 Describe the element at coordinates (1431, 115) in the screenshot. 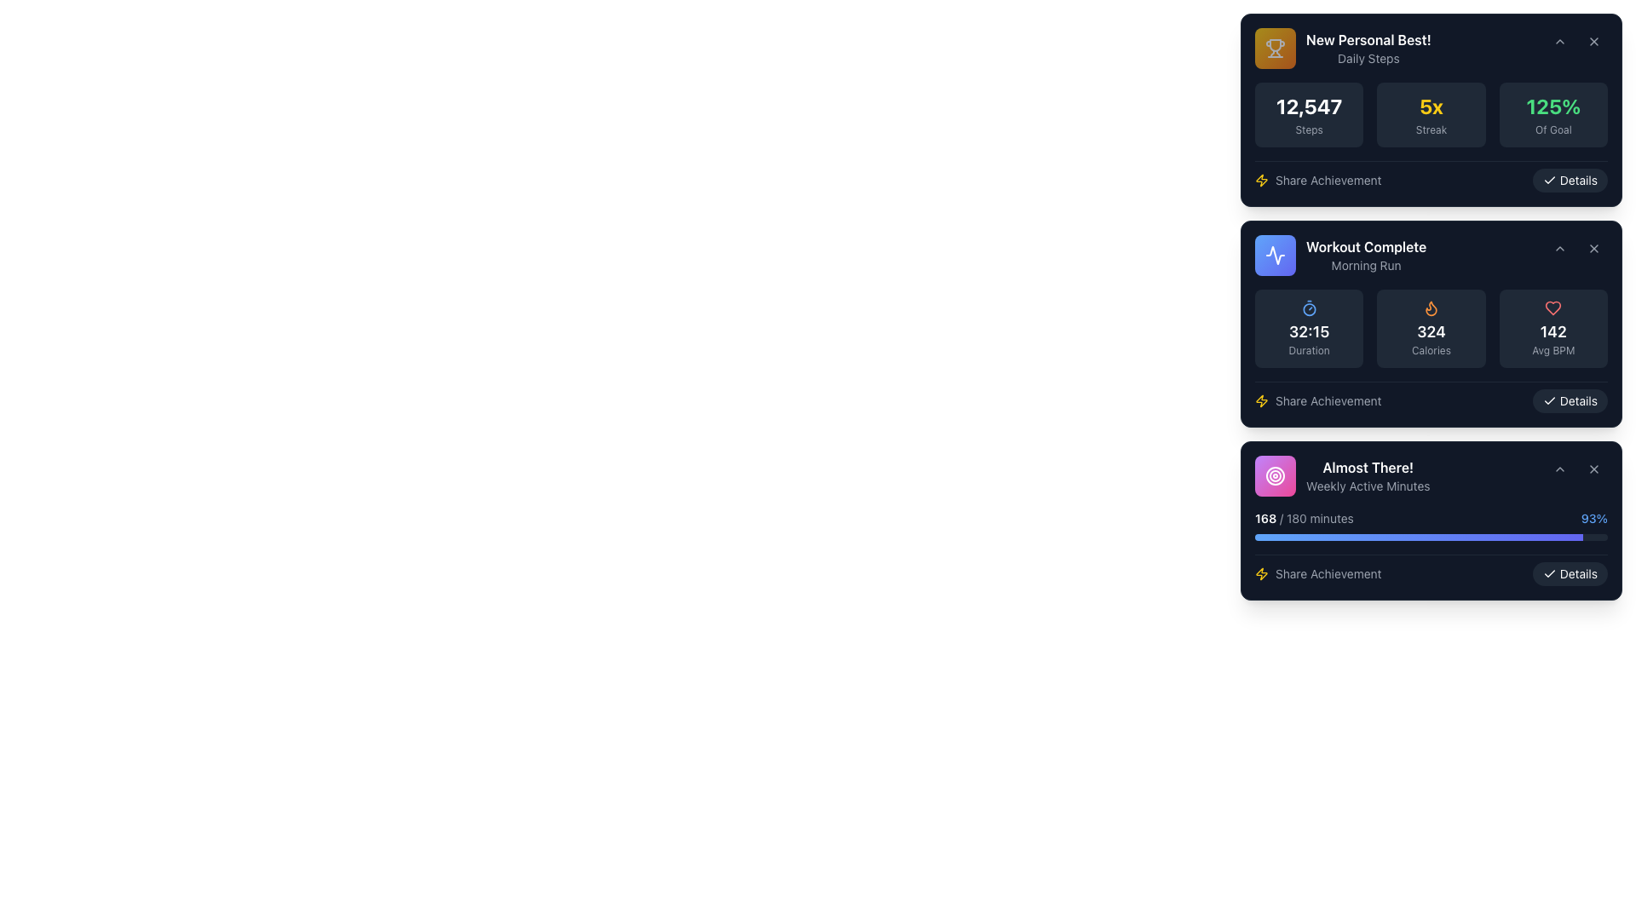

I see `the Static informational panel which features a dark gray background with rounded corners, displaying '5x' in yellow and 'Streak' in light gray` at that location.